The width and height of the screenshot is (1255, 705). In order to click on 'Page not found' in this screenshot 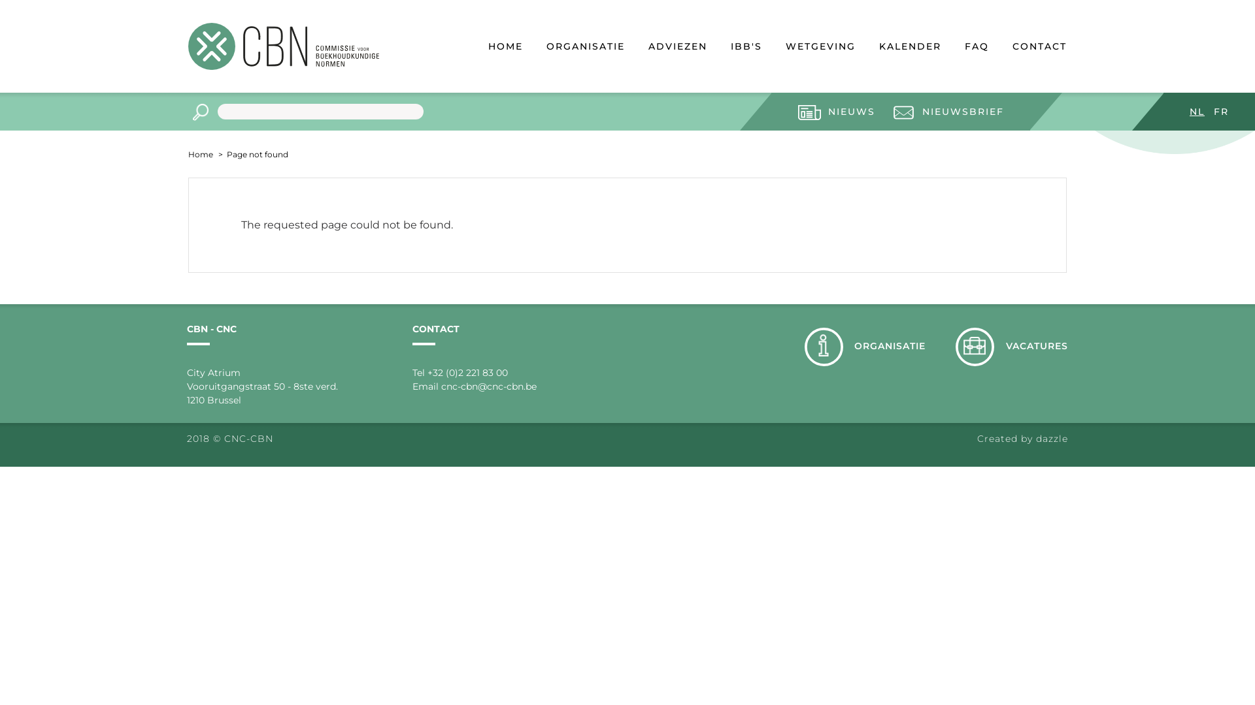, I will do `click(255, 153)`.